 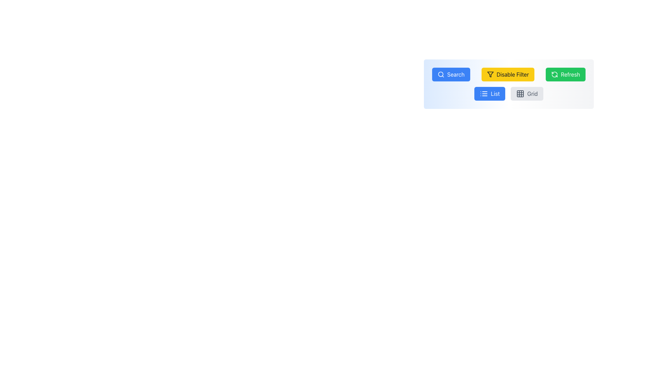 What do you see at coordinates (451, 74) in the screenshot?
I see `the bright blue 'Search' button with a magnifying glass icon` at bounding box center [451, 74].